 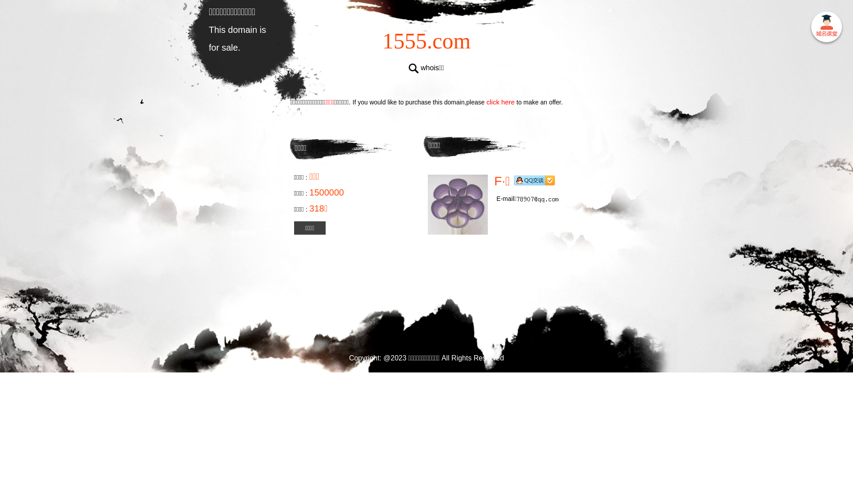 I want to click on 'click here', so click(x=484, y=101).